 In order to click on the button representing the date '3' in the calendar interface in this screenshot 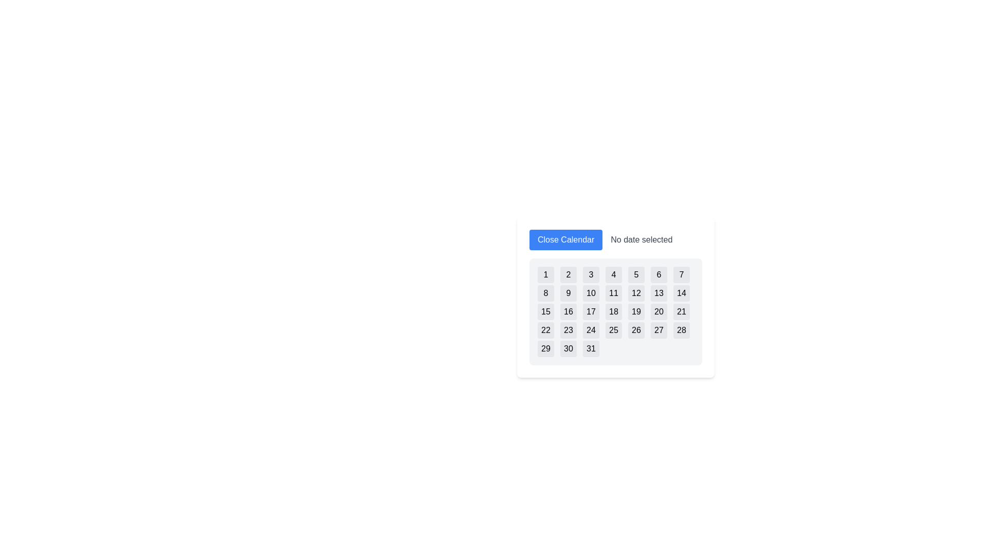, I will do `click(591, 274)`.